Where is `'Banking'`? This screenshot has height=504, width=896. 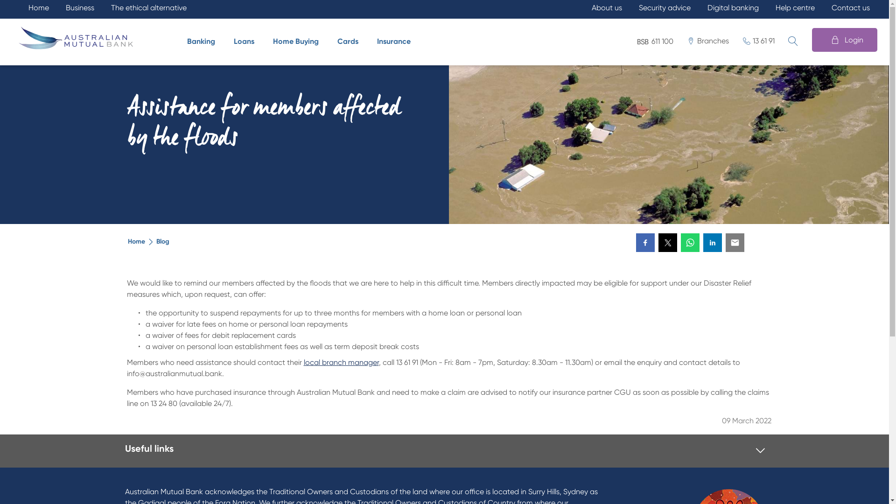 'Banking' is located at coordinates (203, 41).